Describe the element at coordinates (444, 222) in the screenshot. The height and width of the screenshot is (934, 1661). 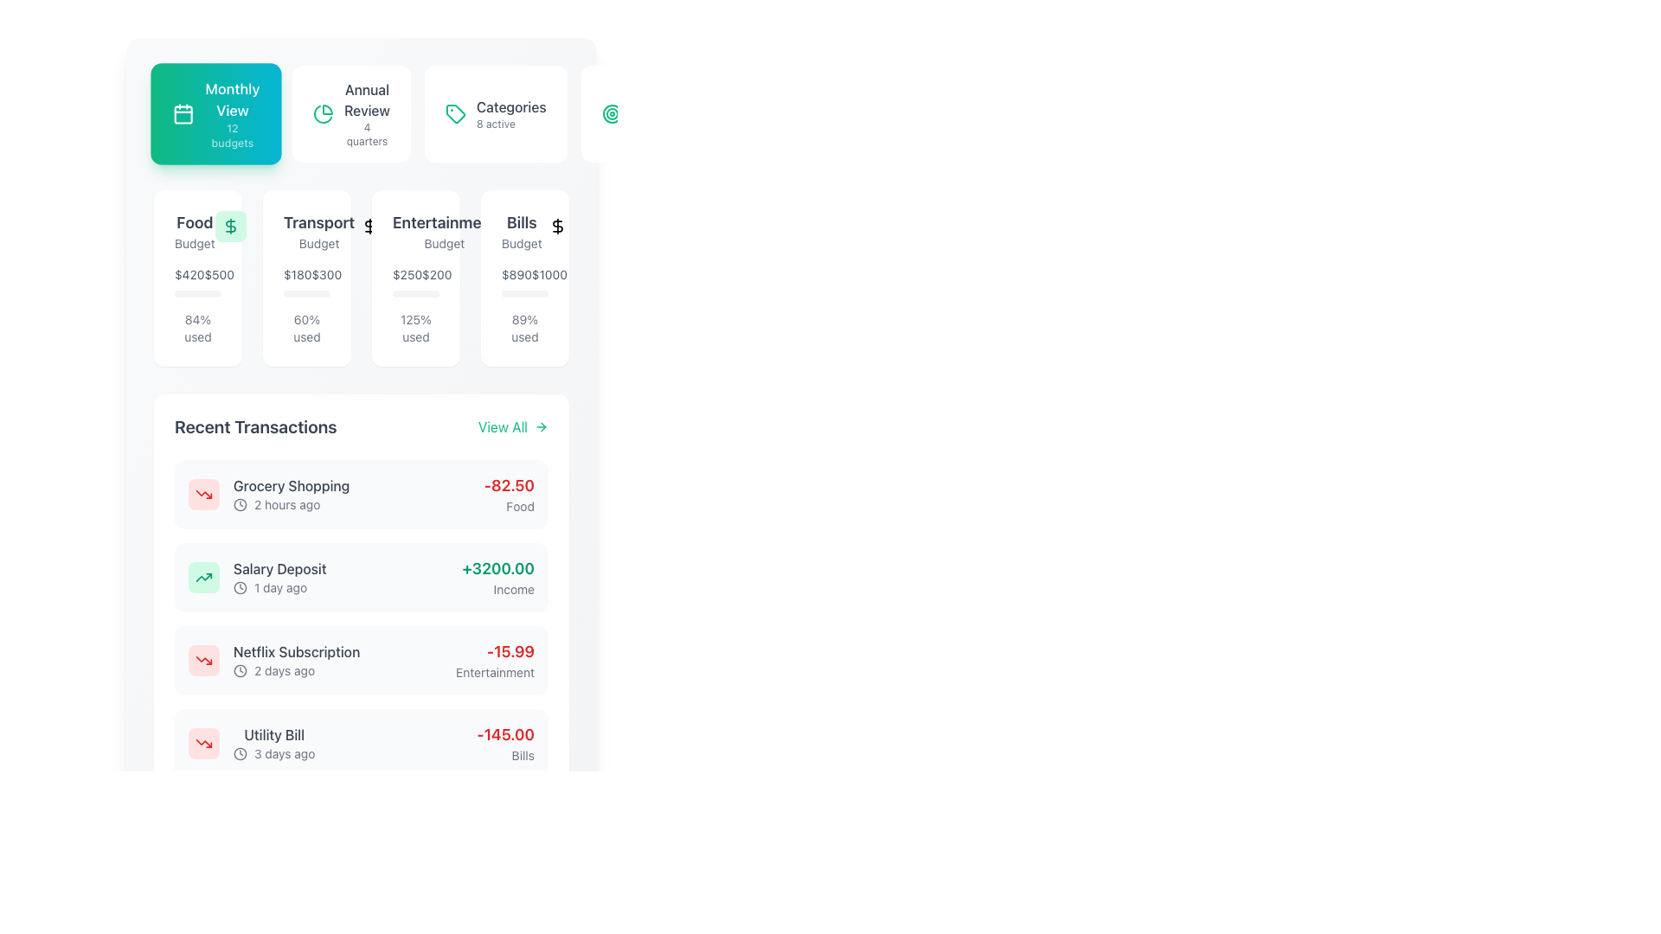
I see `the text label indicating the category 'Entertainment' located at the center top of the 'Entertainment Budget' card, which is the third card from the left in a row` at that location.